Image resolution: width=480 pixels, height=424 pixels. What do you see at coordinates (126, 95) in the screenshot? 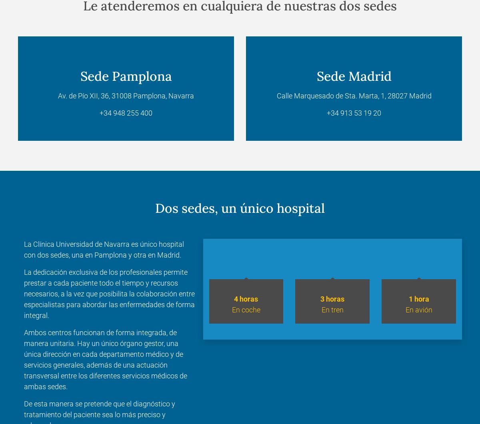
I see `'Av. de Pío XII, 36, 31008 Pamplona, Navarra'` at bounding box center [126, 95].